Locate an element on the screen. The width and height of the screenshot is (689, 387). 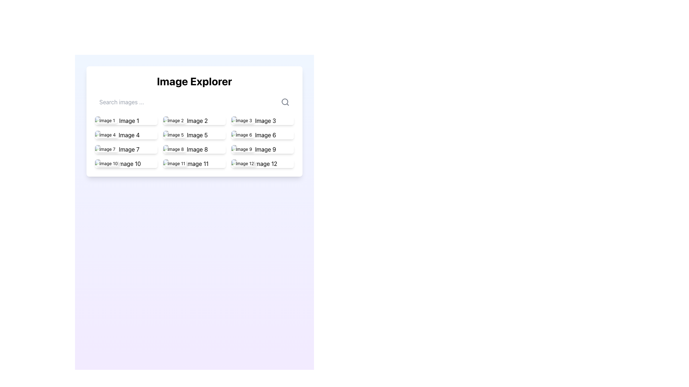
to select the image thumbnail labeled 'Image 1', which is a rectangular image with rounded corners located in the first column and first row of a grid layout is located at coordinates (126, 120).